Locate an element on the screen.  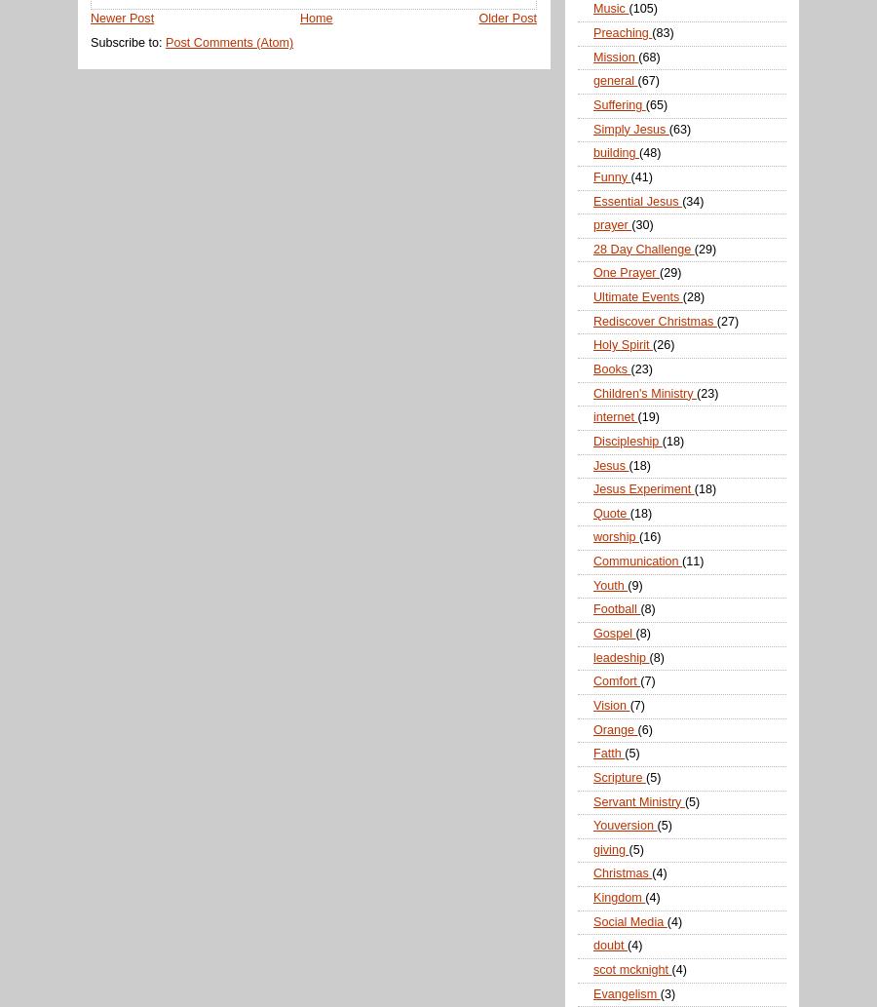
'(28)' is located at coordinates (692, 296).